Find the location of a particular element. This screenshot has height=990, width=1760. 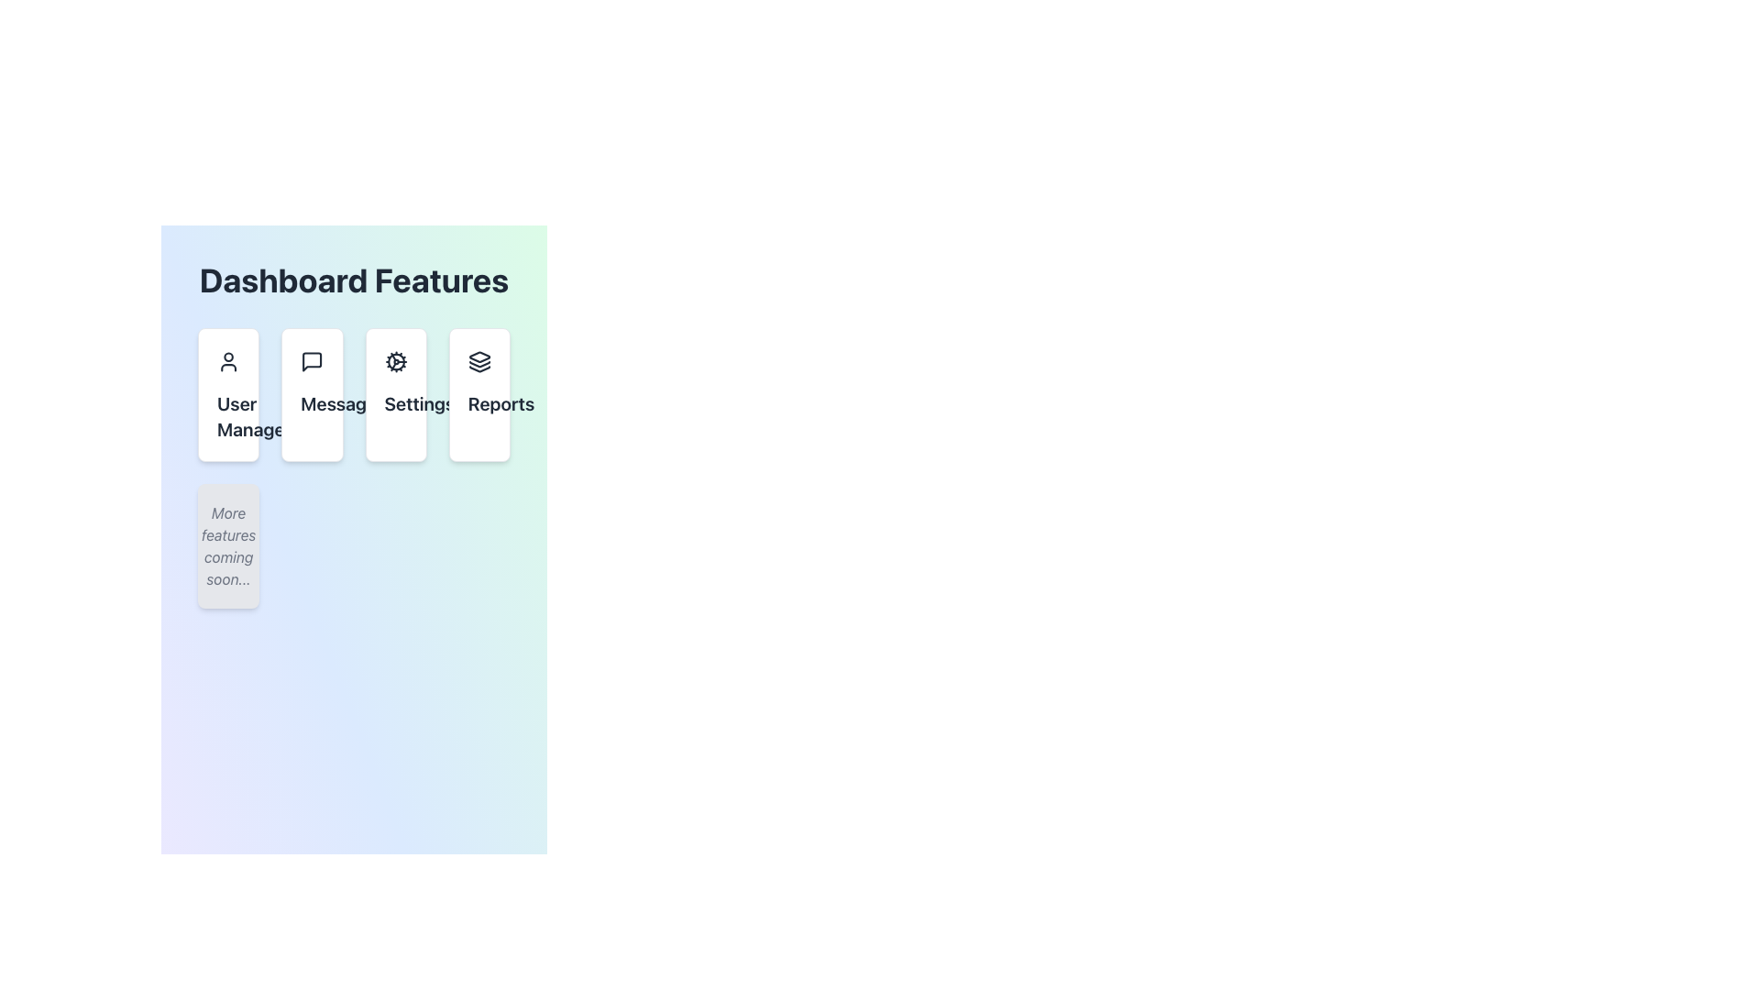

the user profile icon located at the top center of the 'User Management' card in the 'Dashboard Features' grid is located at coordinates (227, 361).